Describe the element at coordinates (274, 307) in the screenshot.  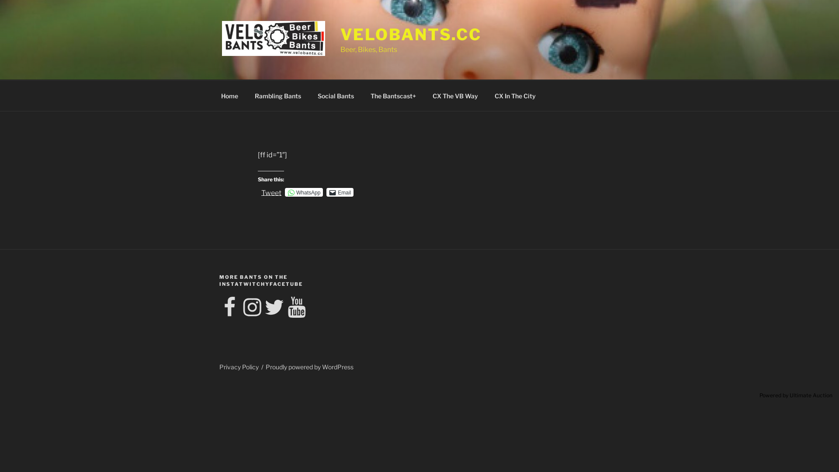
I see `'Twitter'` at that location.